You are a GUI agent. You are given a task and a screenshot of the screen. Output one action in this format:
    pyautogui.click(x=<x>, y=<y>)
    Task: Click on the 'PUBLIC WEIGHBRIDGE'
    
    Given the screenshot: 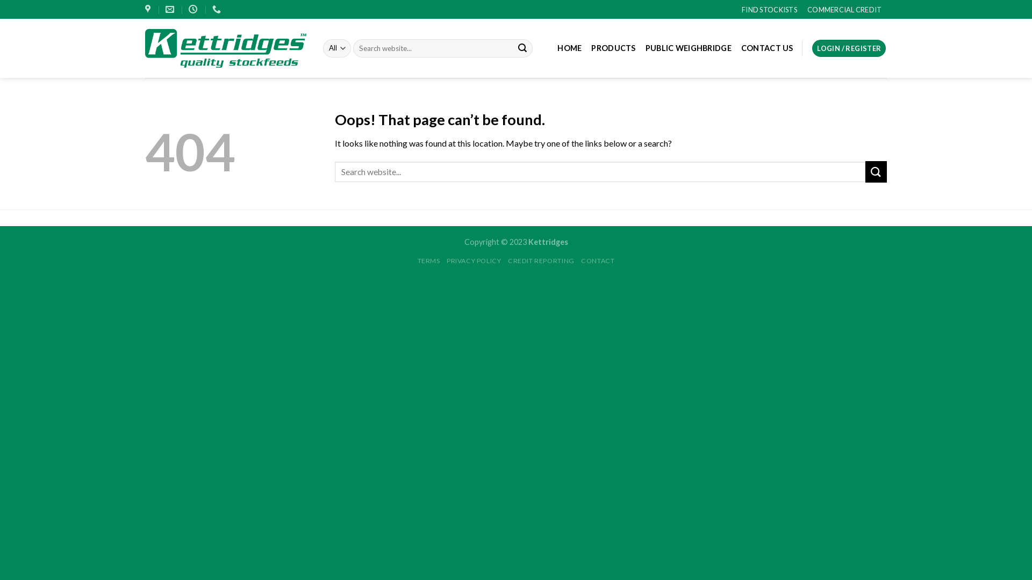 What is the action you would take?
    pyautogui.click(x=645, y=47)
    